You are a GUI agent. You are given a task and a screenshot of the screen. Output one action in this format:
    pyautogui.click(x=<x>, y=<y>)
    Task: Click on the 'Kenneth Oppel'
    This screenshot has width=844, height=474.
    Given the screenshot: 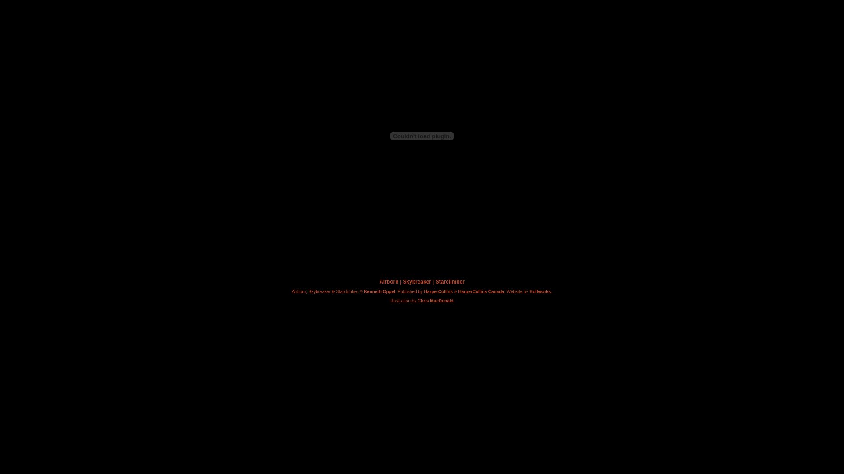 What is the action you would take?
    pyautogui.click(x=379, y=291)
    